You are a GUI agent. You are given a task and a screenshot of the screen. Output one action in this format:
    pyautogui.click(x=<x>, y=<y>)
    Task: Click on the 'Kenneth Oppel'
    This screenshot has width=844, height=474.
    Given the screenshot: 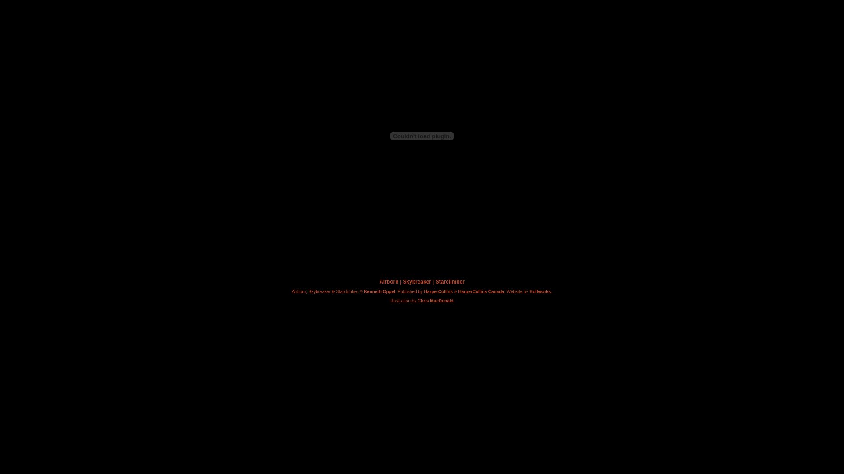 What is the action you would take?
    pyautogui.click(x=379, y=291)
    